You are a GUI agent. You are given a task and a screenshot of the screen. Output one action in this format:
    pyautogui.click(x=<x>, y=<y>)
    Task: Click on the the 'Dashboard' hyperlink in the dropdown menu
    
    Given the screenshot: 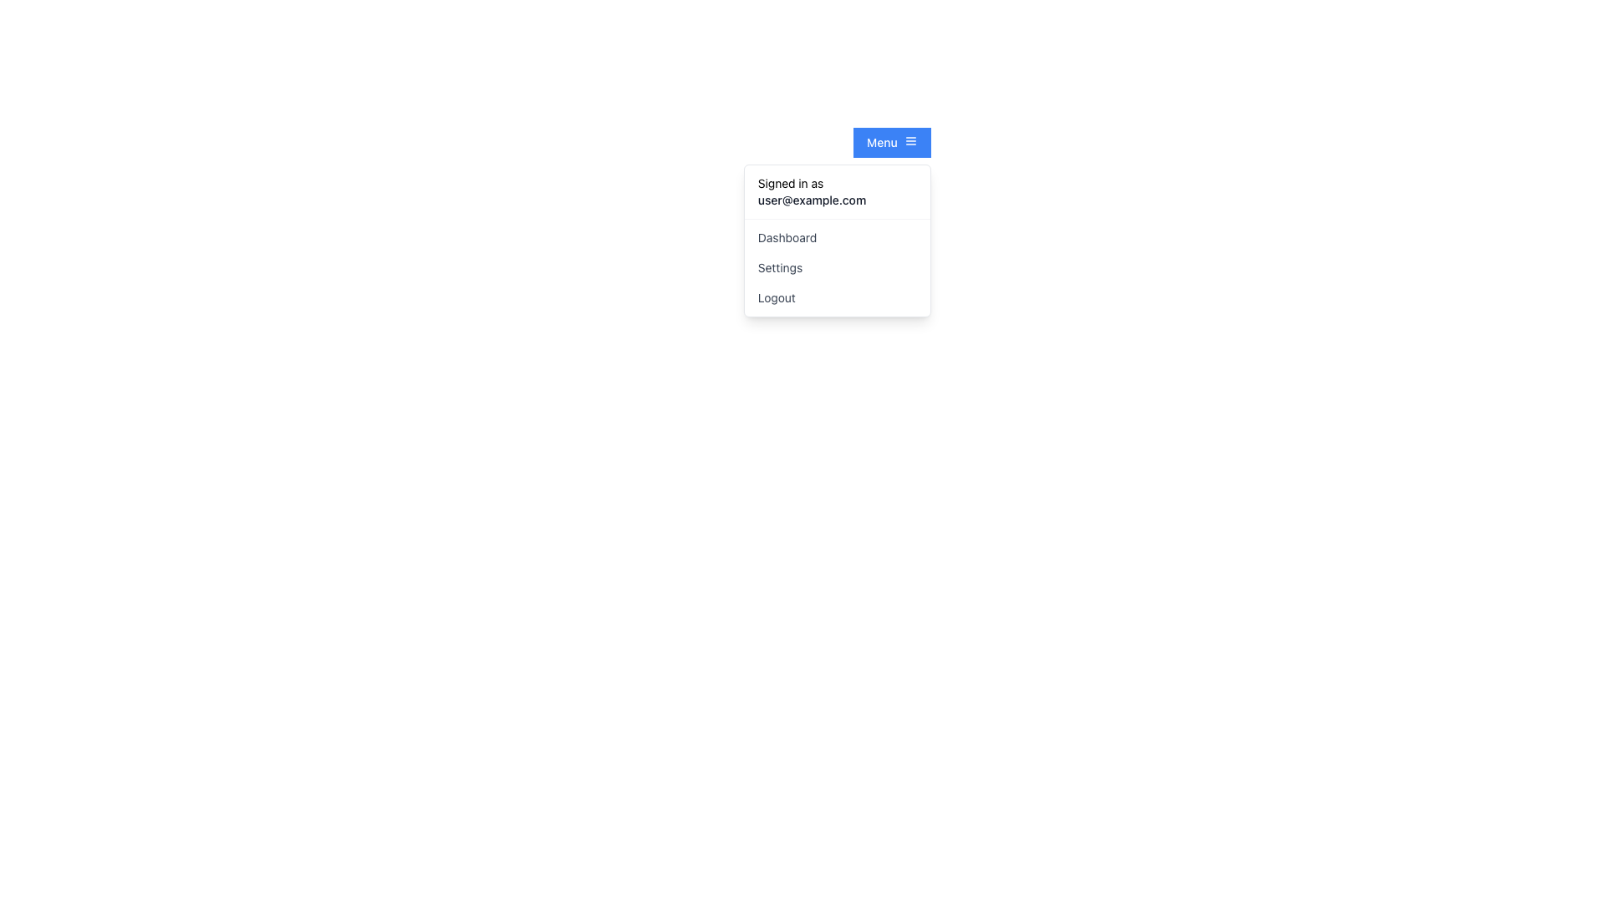 What is the action you would take?
    pyautogui.click(x=837, y=238)
    